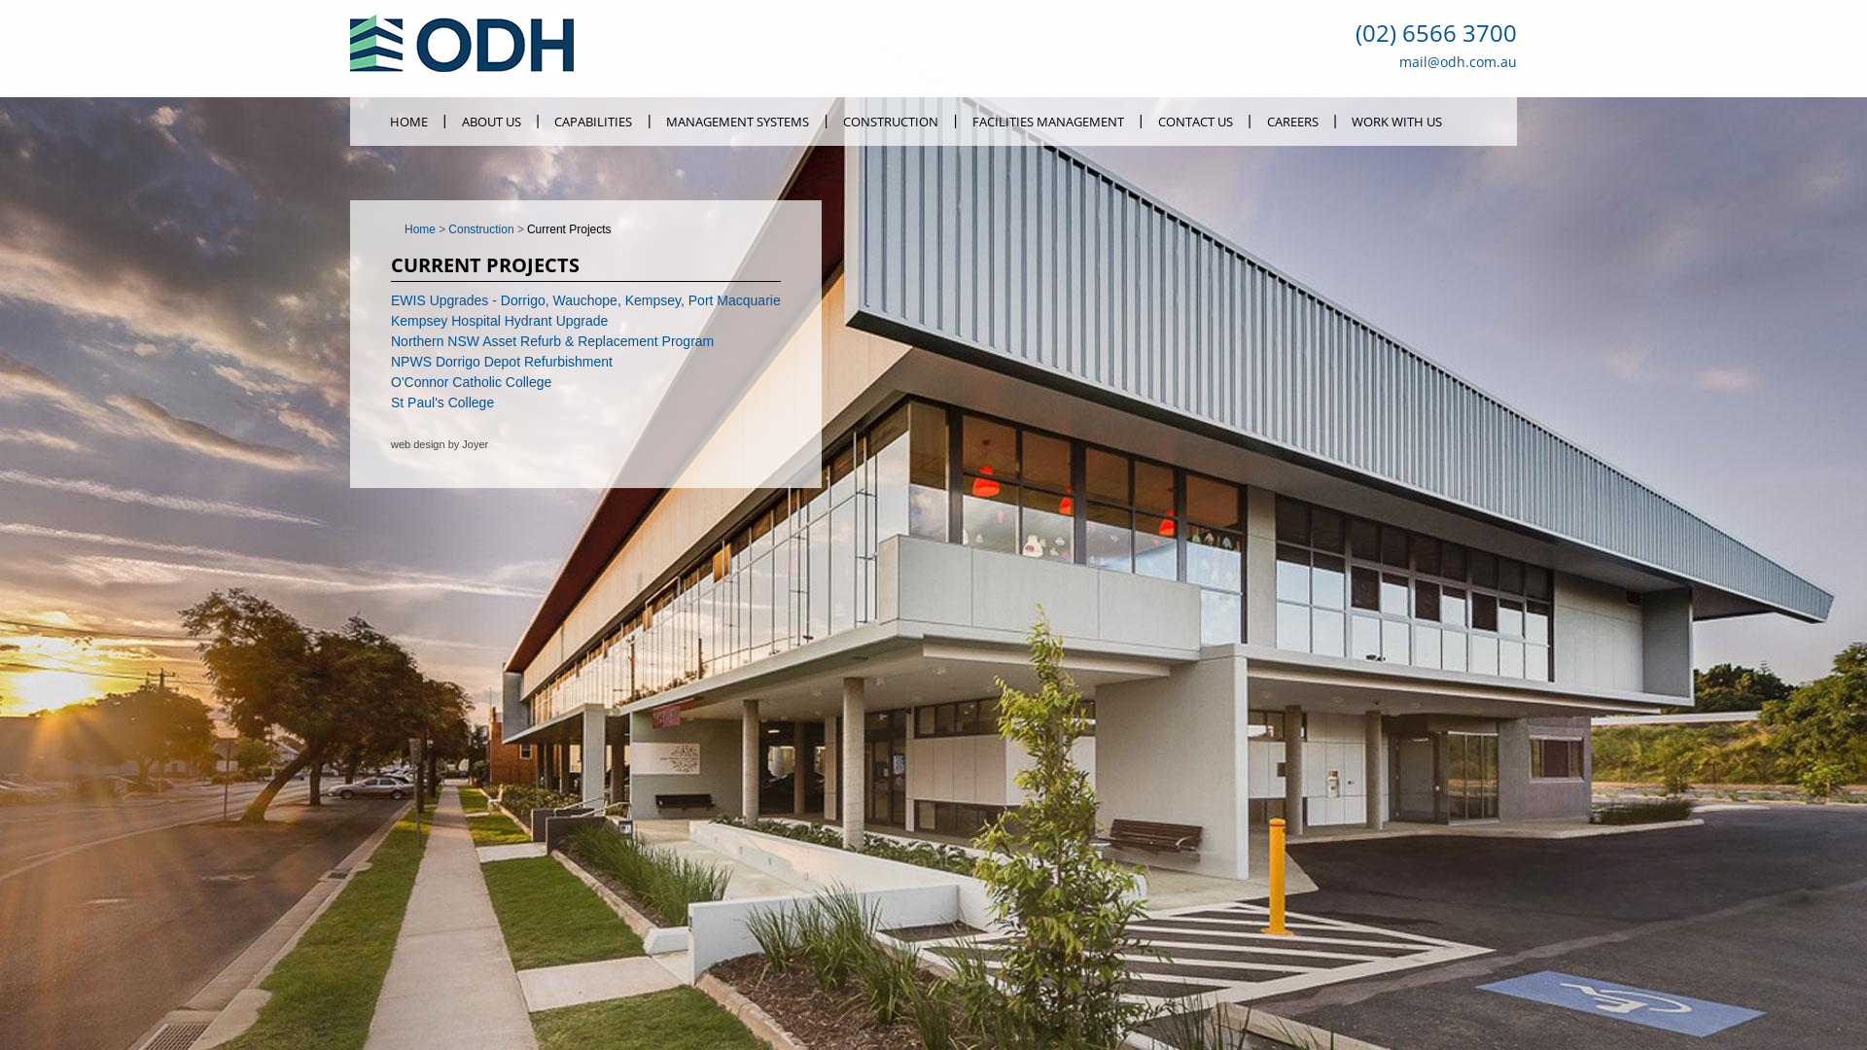  I want to click on 'WORK WITH US', so click(1335, 121).